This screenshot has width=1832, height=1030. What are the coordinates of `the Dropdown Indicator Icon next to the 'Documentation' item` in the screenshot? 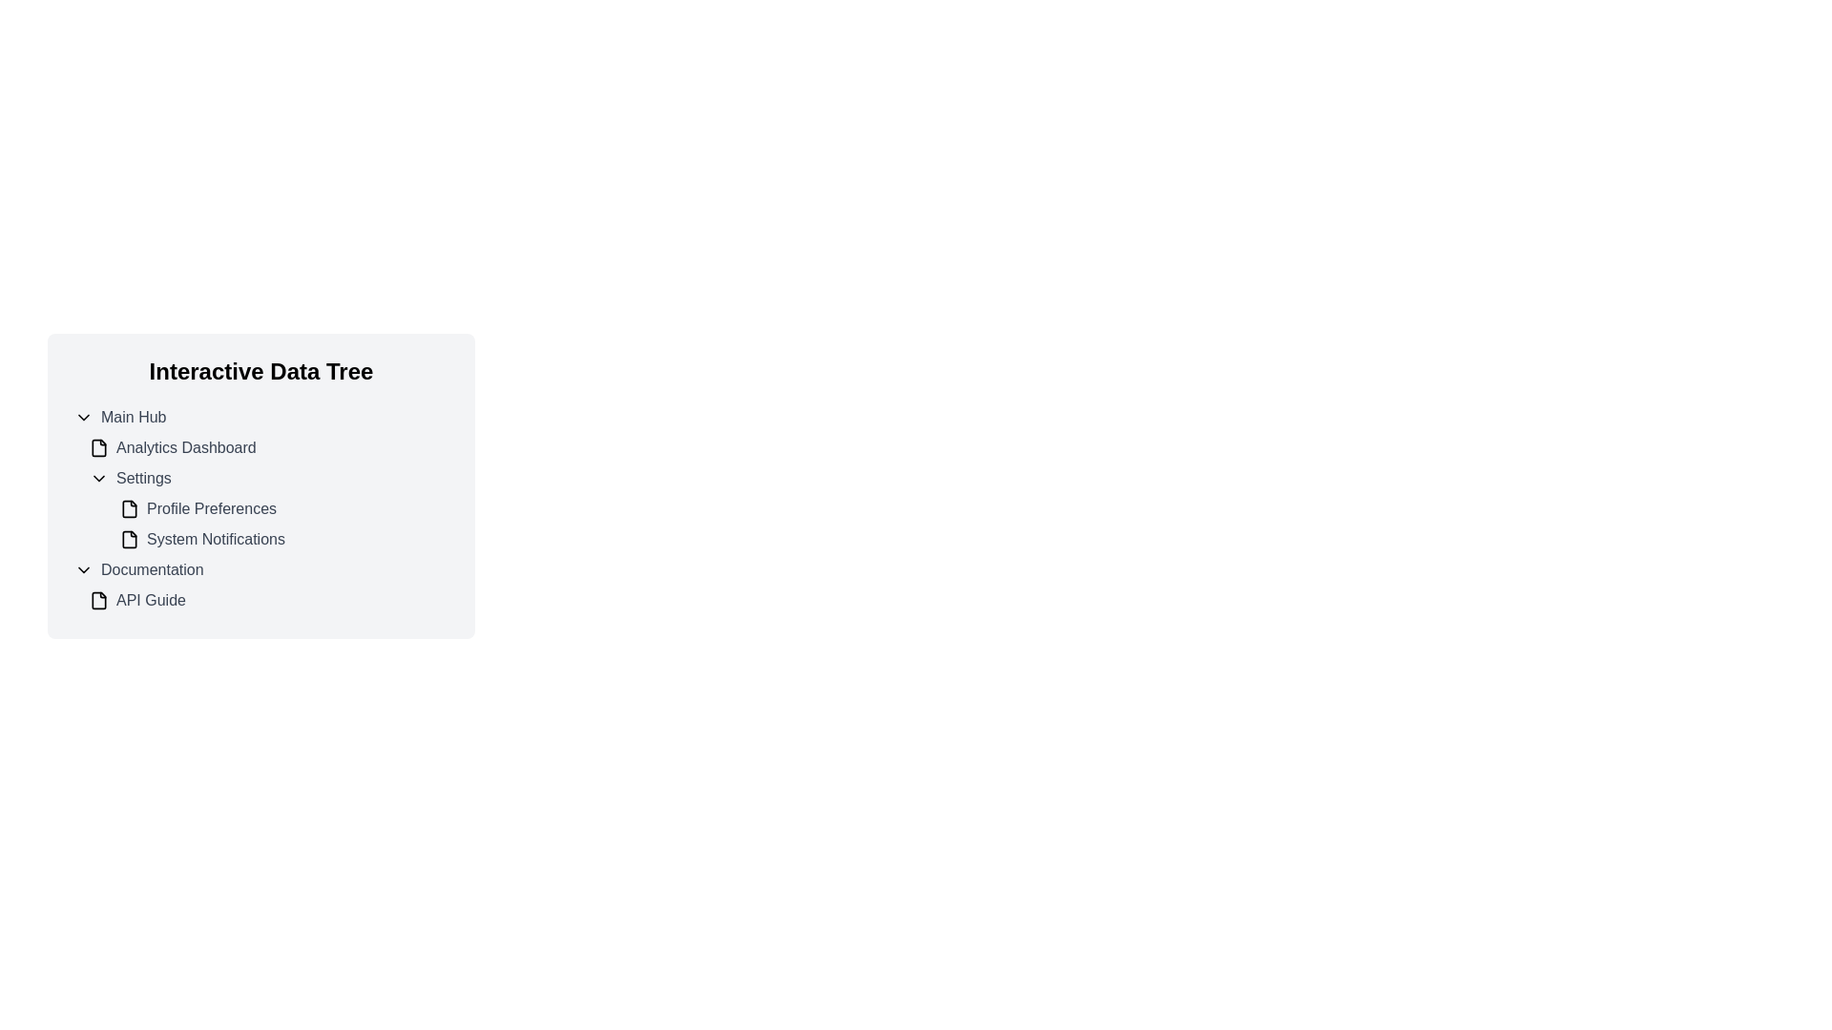 It's located at (82, 568).